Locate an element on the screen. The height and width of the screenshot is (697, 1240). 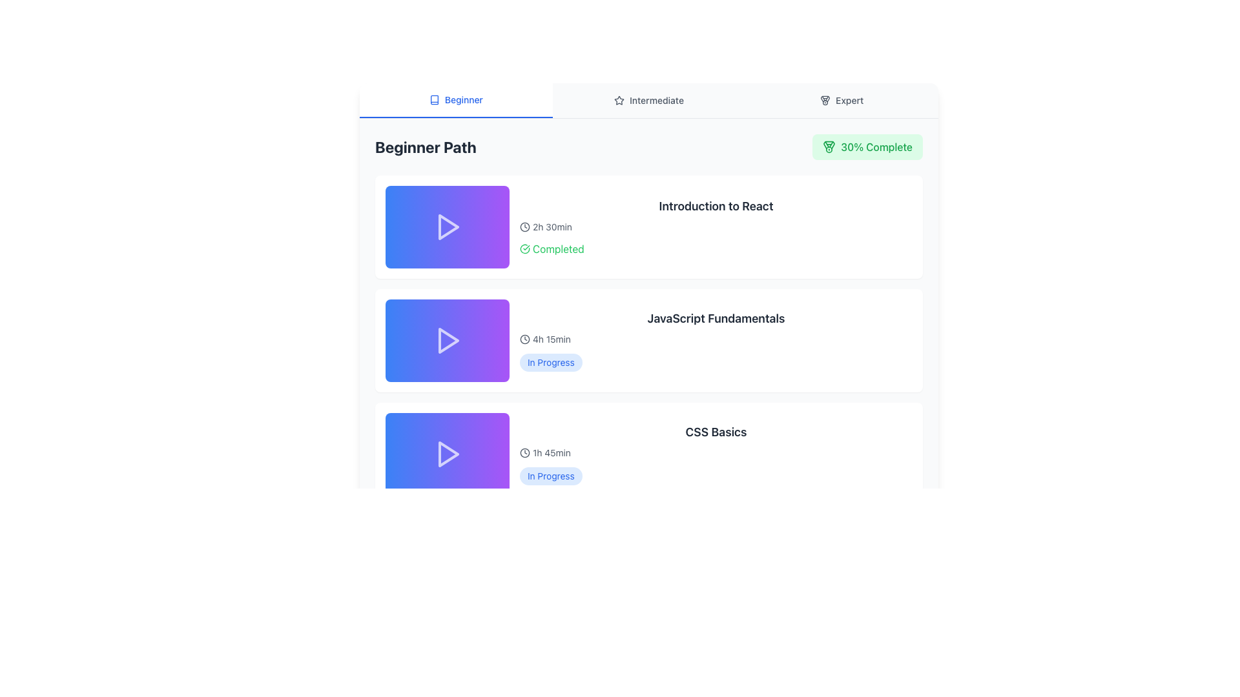
the 'Beginner' tab, which is the first tab in a tab-based navigation system, styled with a blue font and a small book icon is located at coordinates (456, 99).